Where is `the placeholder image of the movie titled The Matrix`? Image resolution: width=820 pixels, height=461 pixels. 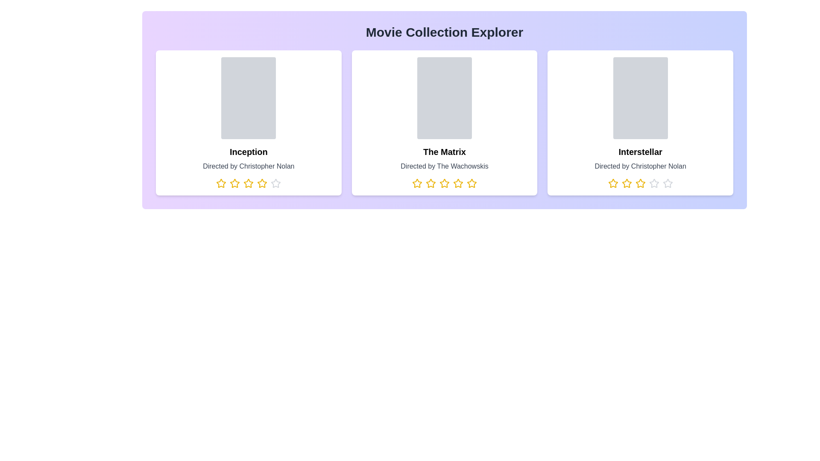
the placeholder image of the movie titled The Matrix is located at coordinates (444, 98).